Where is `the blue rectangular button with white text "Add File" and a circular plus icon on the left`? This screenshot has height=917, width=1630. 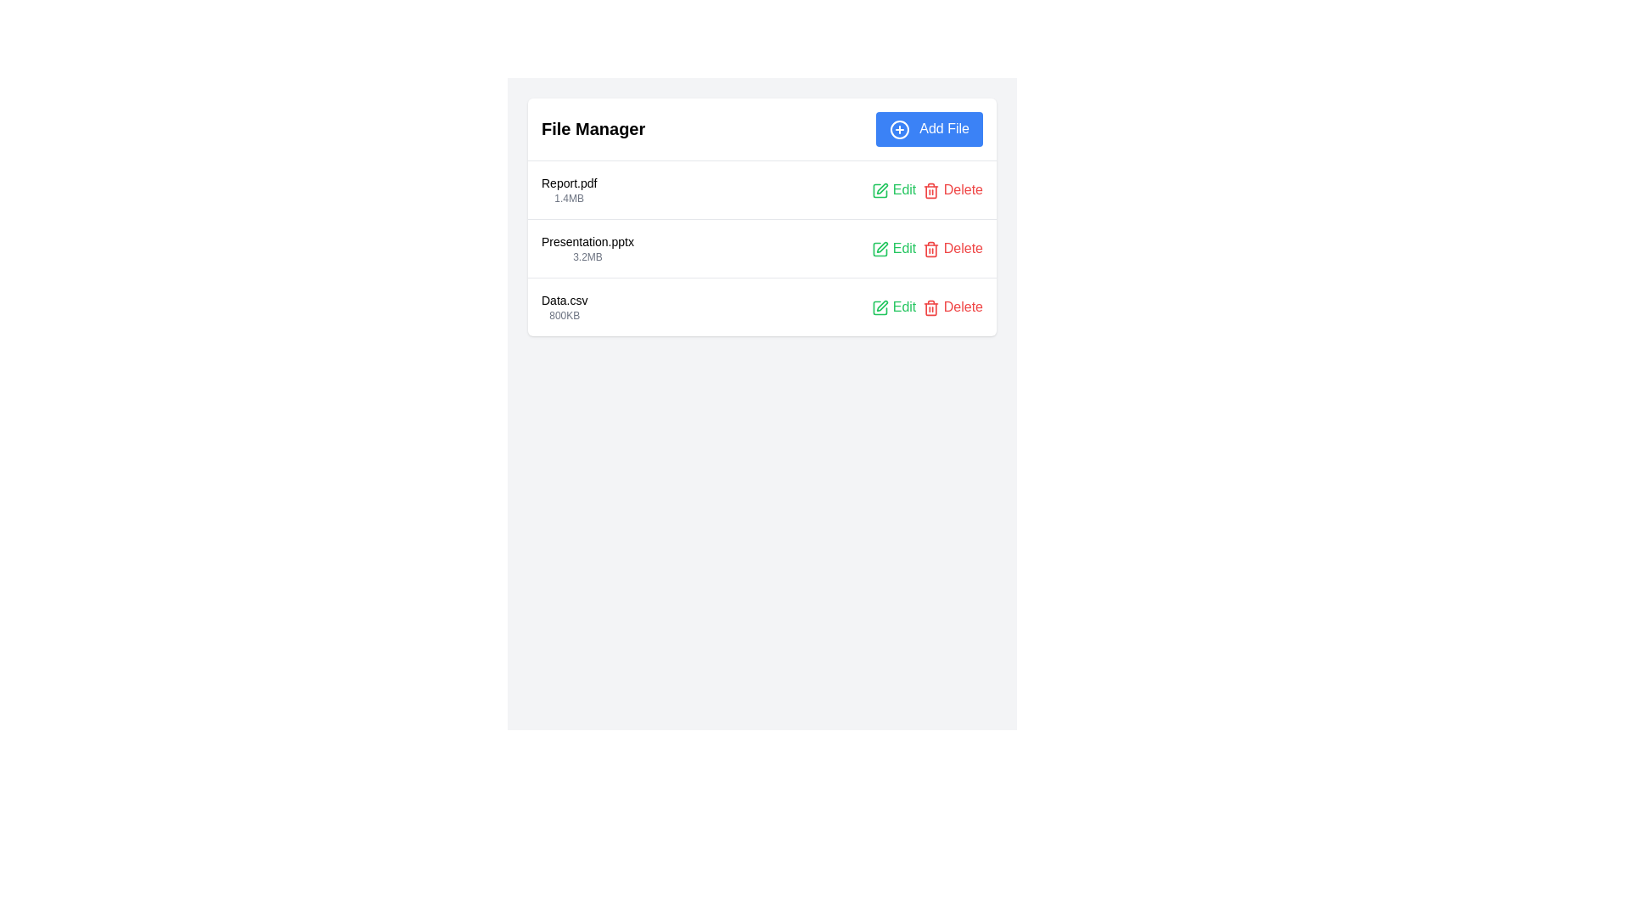
the blue rectangular button with white text "Add File" and a circular plus icon on the left is located at coordinates (928, 128).